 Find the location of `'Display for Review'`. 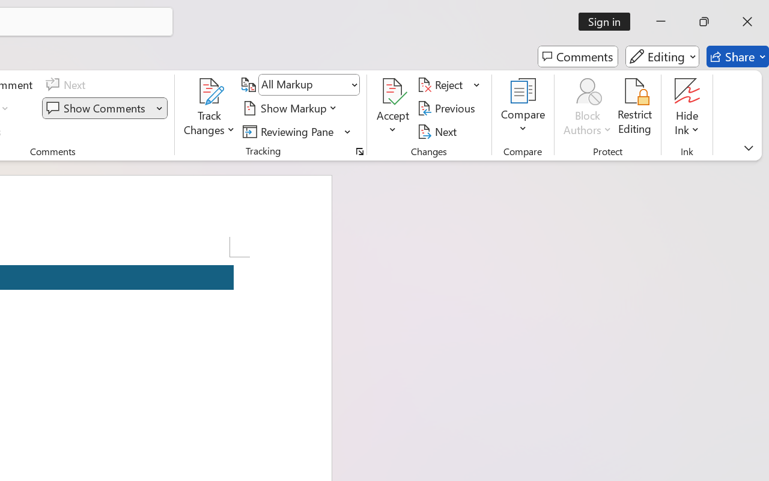

'Display for Review' is located at coordinates (309, 85).